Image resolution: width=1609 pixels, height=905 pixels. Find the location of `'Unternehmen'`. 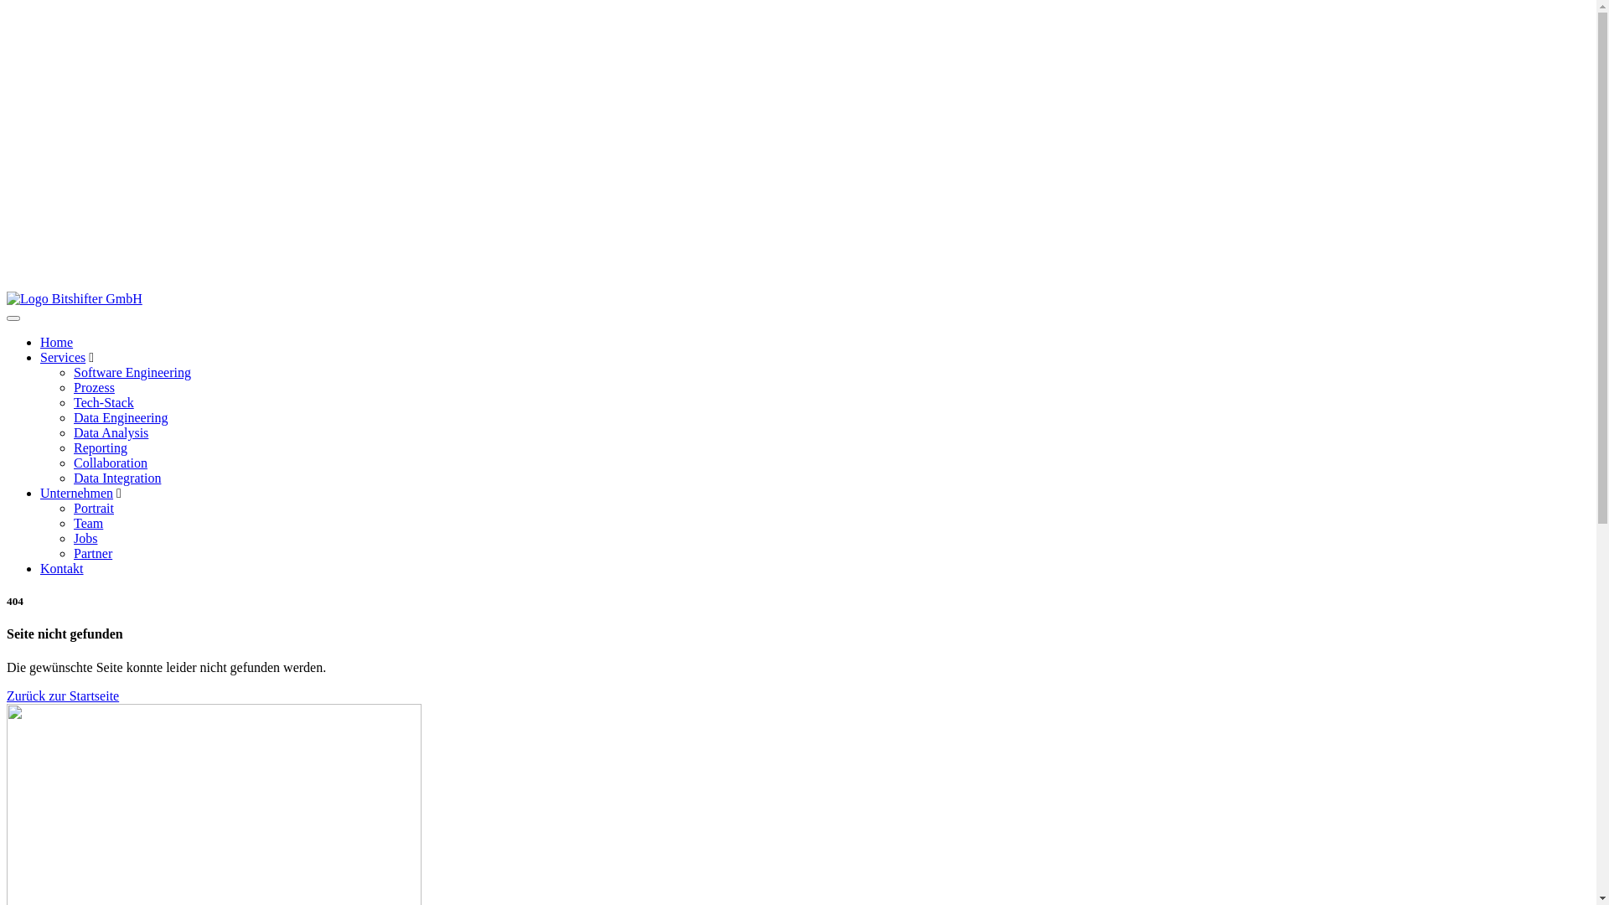

'Unternehmen' is located at coordinates (40, 492).